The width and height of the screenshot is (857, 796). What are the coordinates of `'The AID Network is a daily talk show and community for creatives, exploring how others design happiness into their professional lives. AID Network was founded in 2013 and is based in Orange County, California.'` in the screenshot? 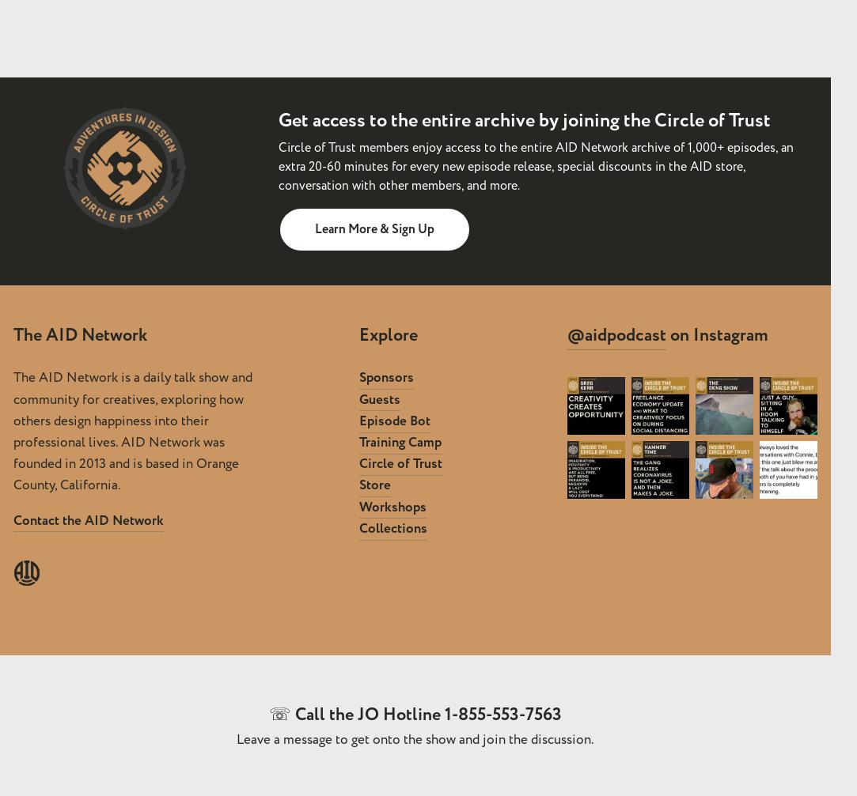 It's located at (135, 431).